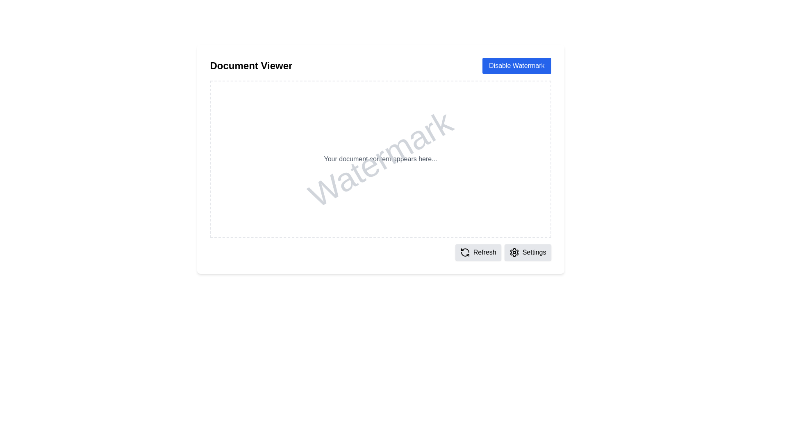 The image size is (787, 442). I want to click on the circular refresh icon with a black outline located at the bottom left of the settings panel, which is part of the 'Refresh' button, so click(465, 252).